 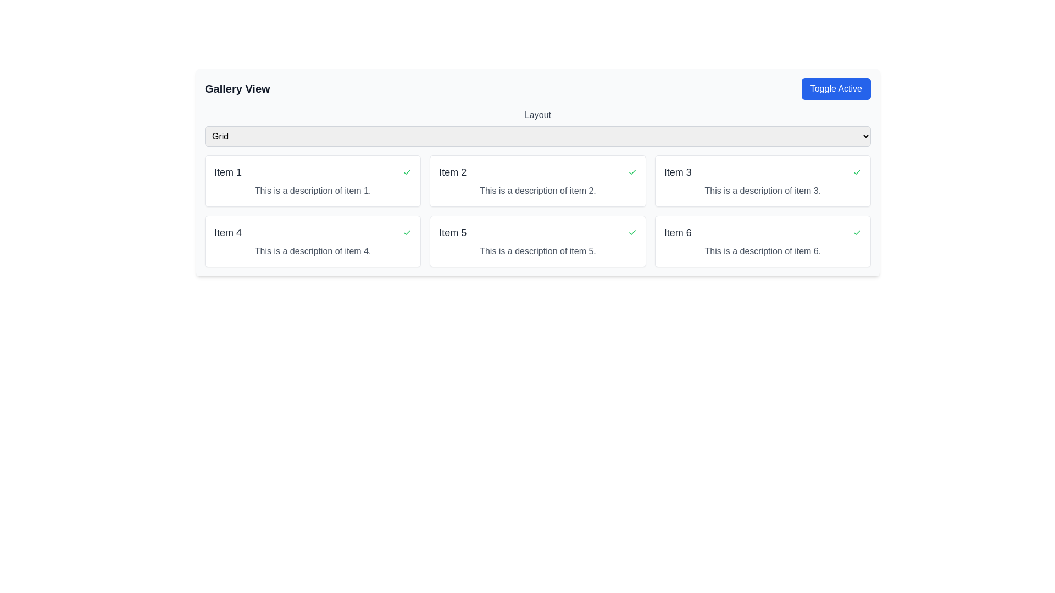 What do you see at coordinates (762, 190) in the screenshot?
I see `the static text element located beneath the title 'Item 3' within the white card, which is the third card in the grid layout` at bounding box center [762, 190].